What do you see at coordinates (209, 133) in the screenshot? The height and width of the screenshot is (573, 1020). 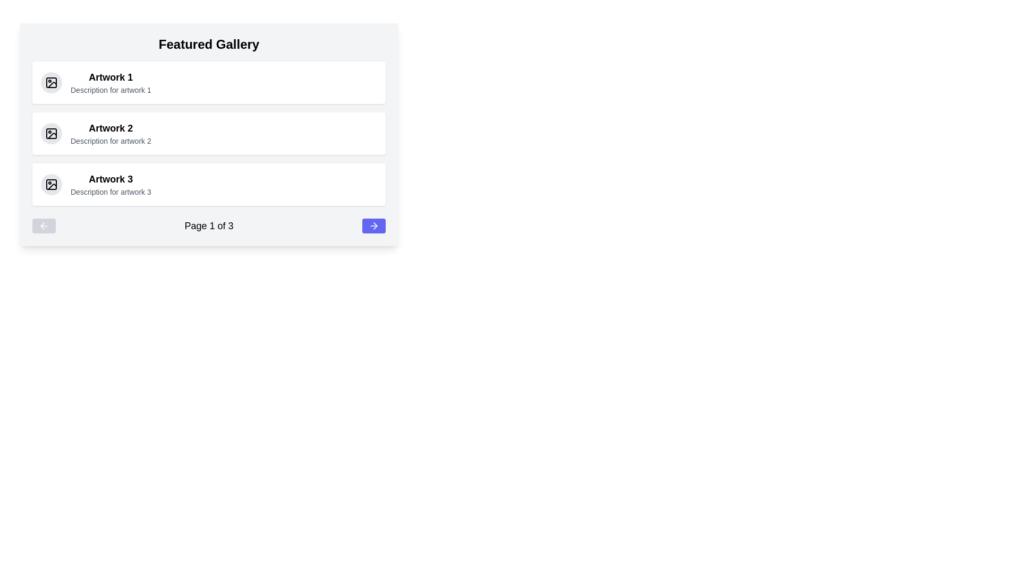 I see `the List item displaying information about 'Artwork 2'` at bounding box center [209, 133].